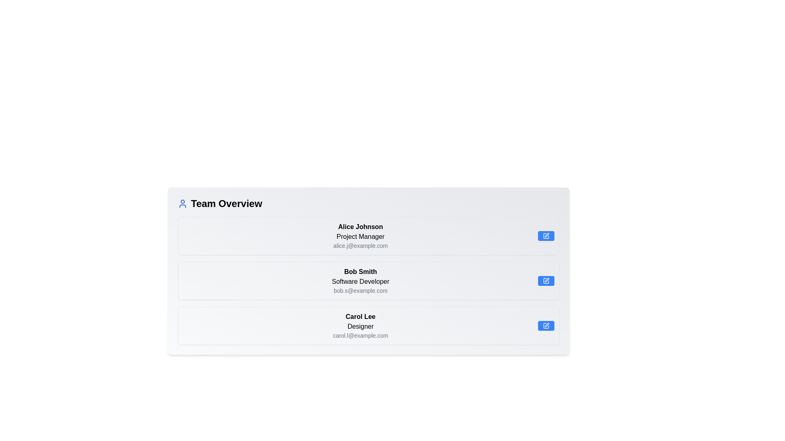 The image size is (785, 441). I want to click on the small icon button with a pen graphic, located in the top-right corner of the first card in the 'Team Overview' section under 'Alice Johnson, Project Manager', so click(546, 236).